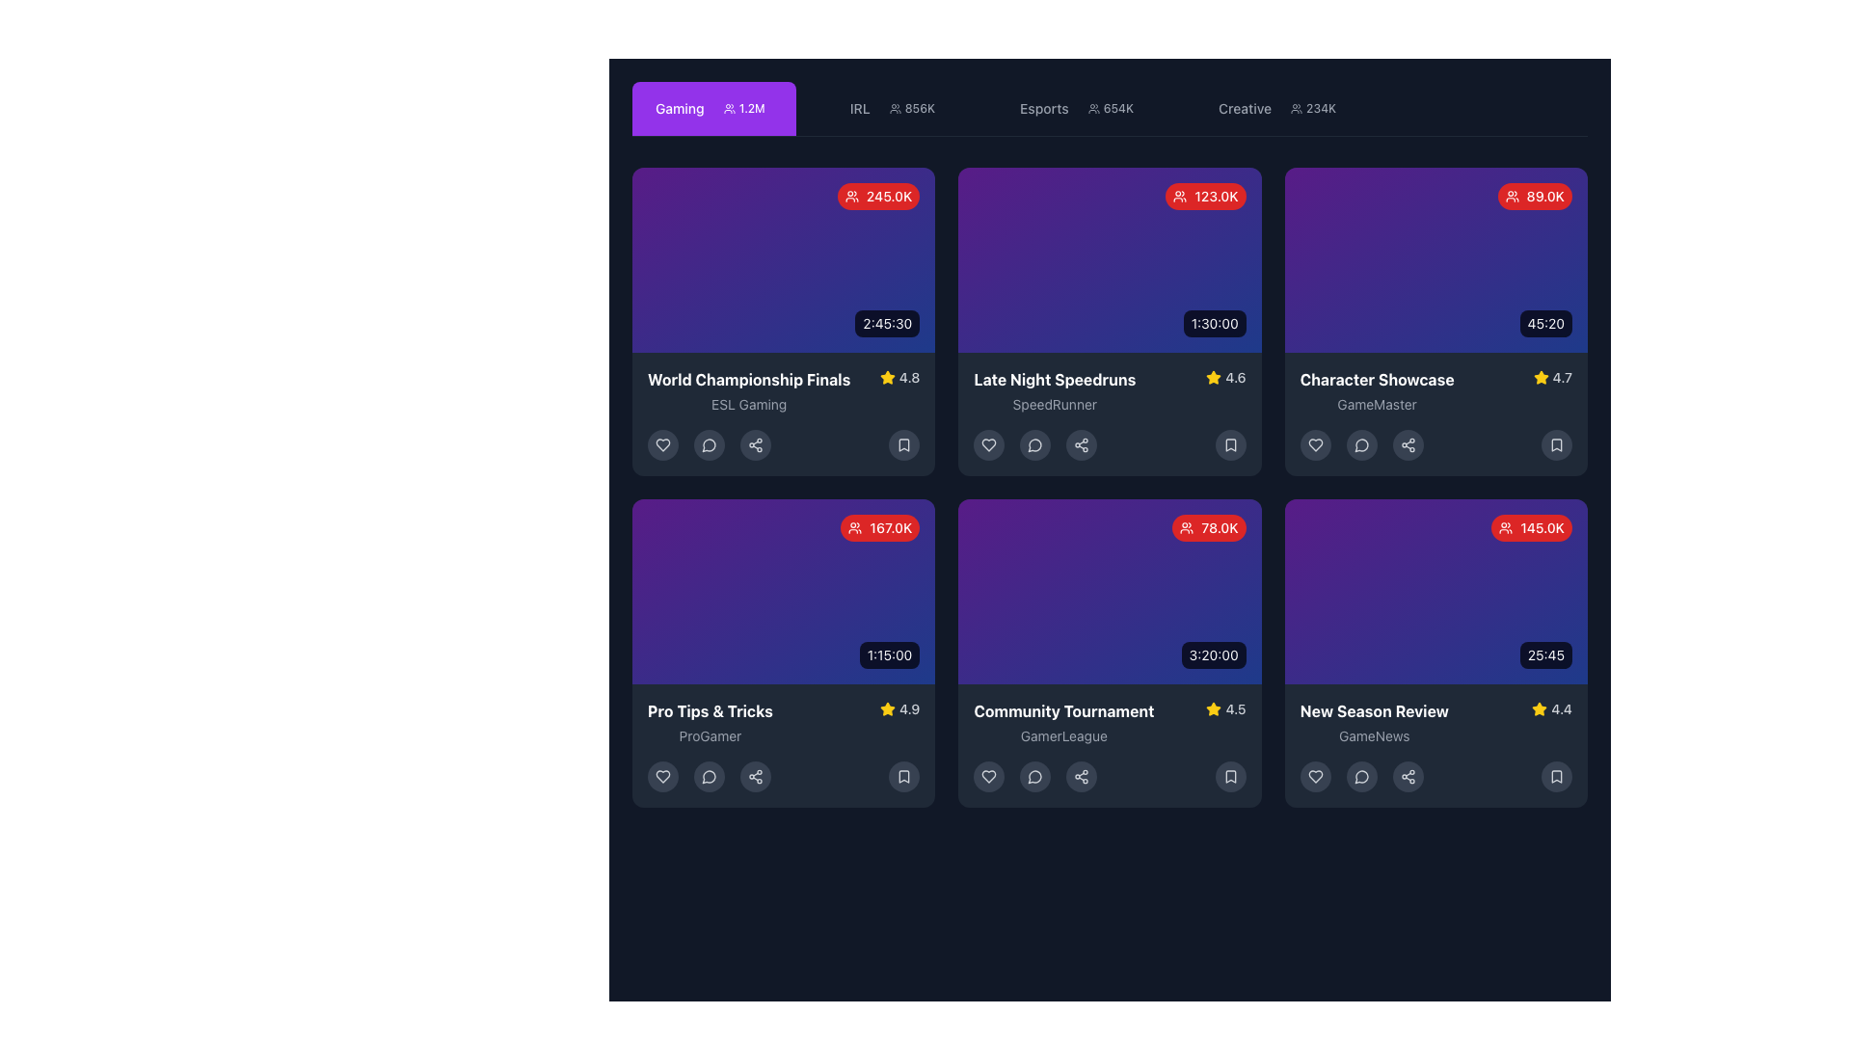 The height and width of the screenshot is (1041, 1851). I want to click on the speech bubble icon button in the bottom-right corner of the 'New Season Review' card, so click(1360, 776).